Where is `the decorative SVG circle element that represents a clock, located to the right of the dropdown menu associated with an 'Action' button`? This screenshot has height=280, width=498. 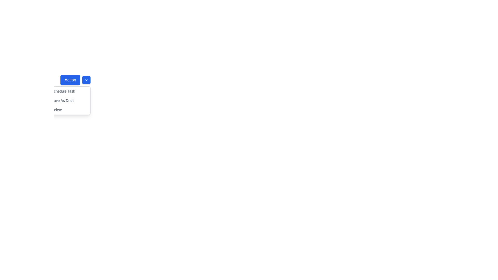
the decorative SVG circle element that represents a clock, located to the right of the dropdown menu associated with an 'Action' button is located at coordinates (47, 91).